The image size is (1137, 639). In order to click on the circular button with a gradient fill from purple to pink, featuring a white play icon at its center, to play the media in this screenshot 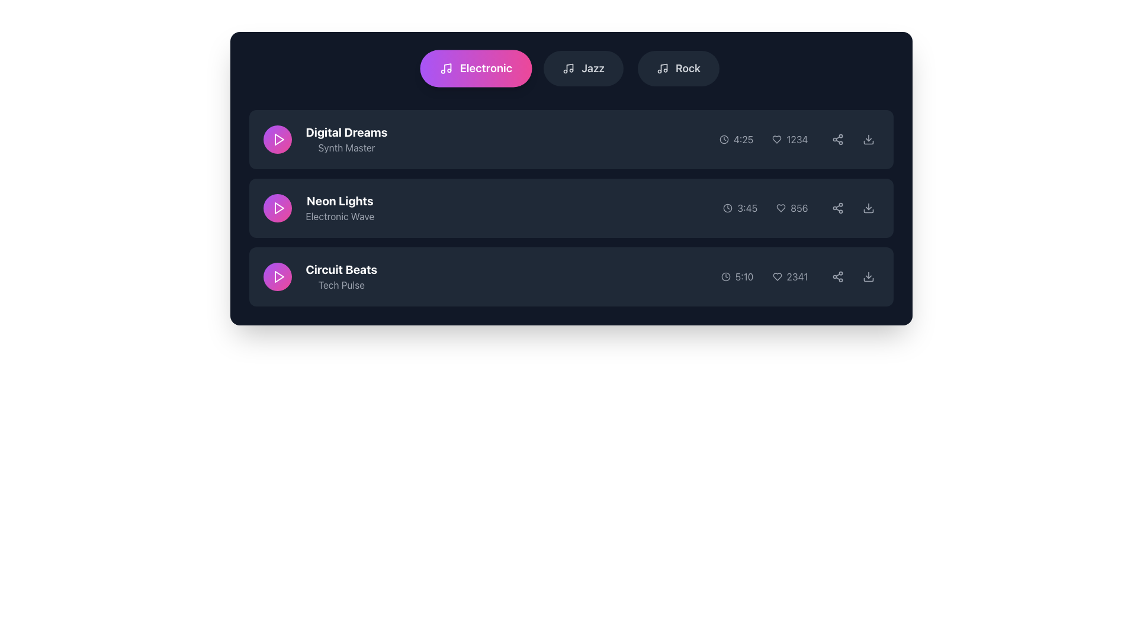, I will do `click(277, 276)`.